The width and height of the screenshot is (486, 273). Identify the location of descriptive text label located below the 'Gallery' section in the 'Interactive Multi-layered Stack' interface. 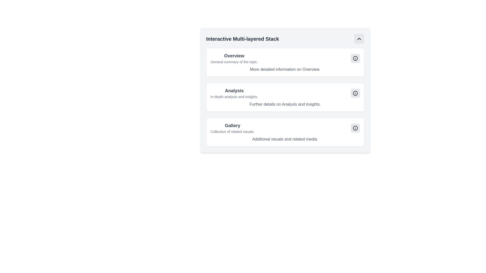
(232, 131).